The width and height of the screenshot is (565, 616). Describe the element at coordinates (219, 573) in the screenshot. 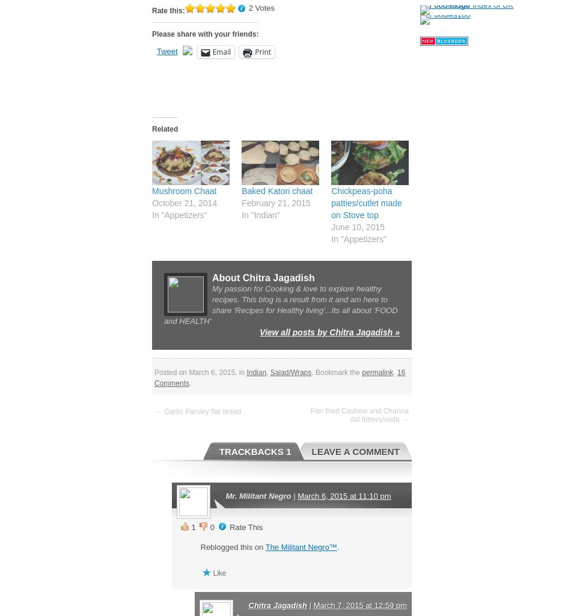

I see `'Like'` at that location.